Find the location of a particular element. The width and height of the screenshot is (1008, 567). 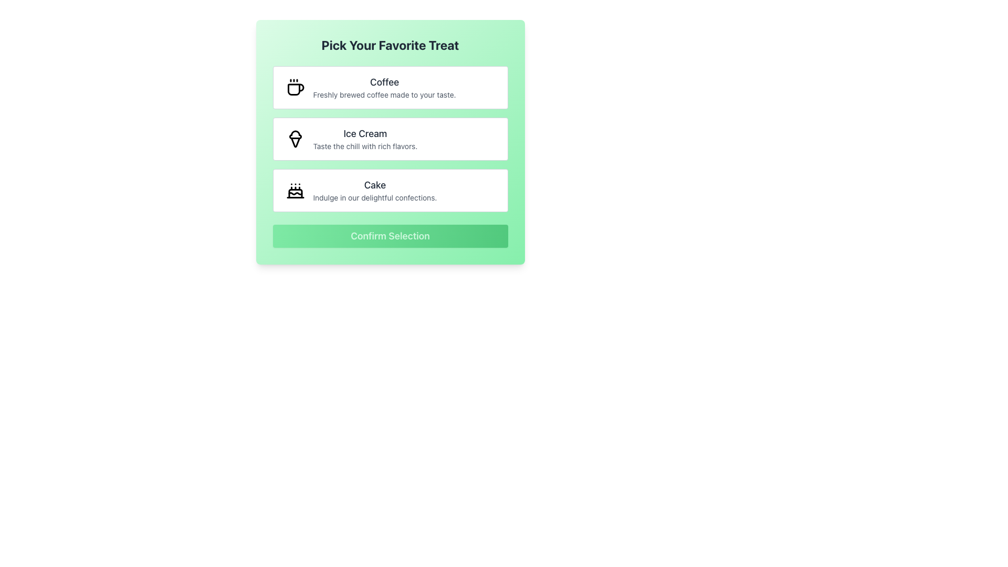

the Text Display element that shows the label and description for the 'Cake' option, which is centrally positioned as the third option in the list is located at coordinates (375, 190).